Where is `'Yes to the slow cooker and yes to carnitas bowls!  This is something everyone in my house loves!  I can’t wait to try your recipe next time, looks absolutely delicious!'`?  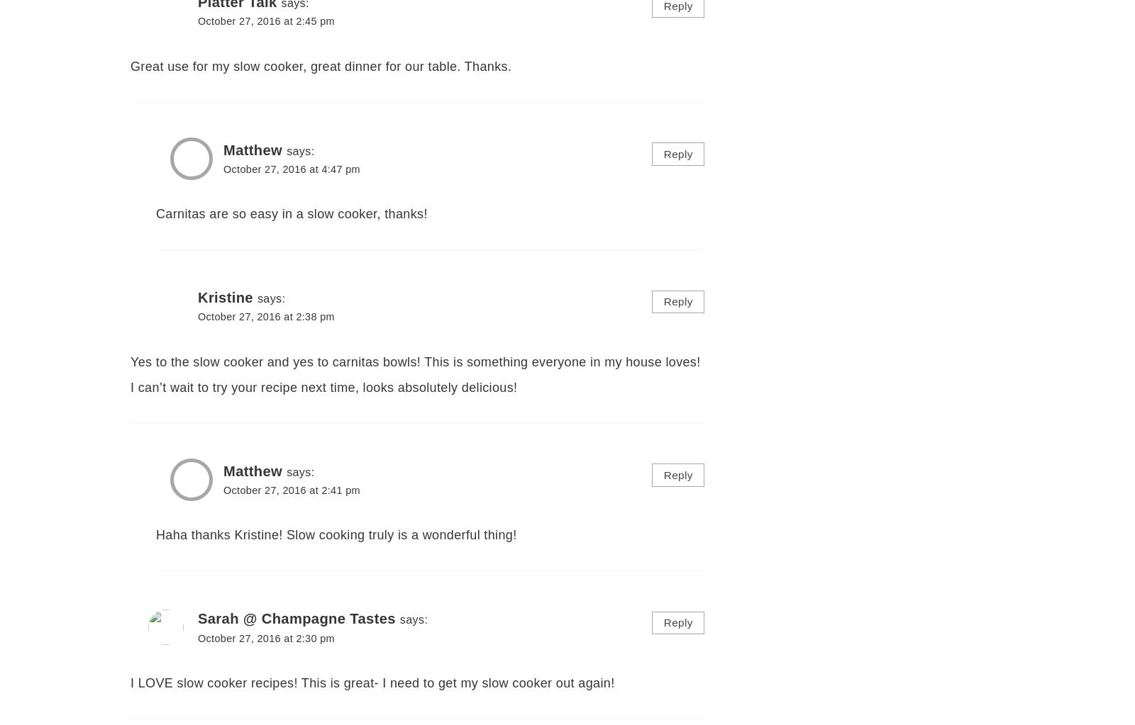 'Yes to the slow cooker and yes to carnitas bowls!  This is something everyone in my house loves!  I can’t wait to try your recipe next time, looks absolutely delicious!' is located at coordinates (414, 373).